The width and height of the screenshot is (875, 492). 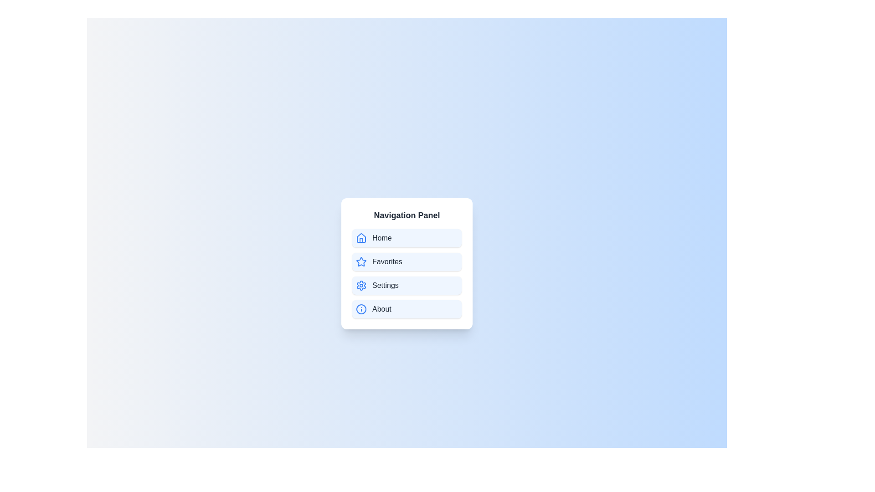 I want to click on properties of the 'Home' navigation icon located in the vertical menu, which is represented as an SVG element positioned to the left of the label 'Home', so click(x=360, y=237).